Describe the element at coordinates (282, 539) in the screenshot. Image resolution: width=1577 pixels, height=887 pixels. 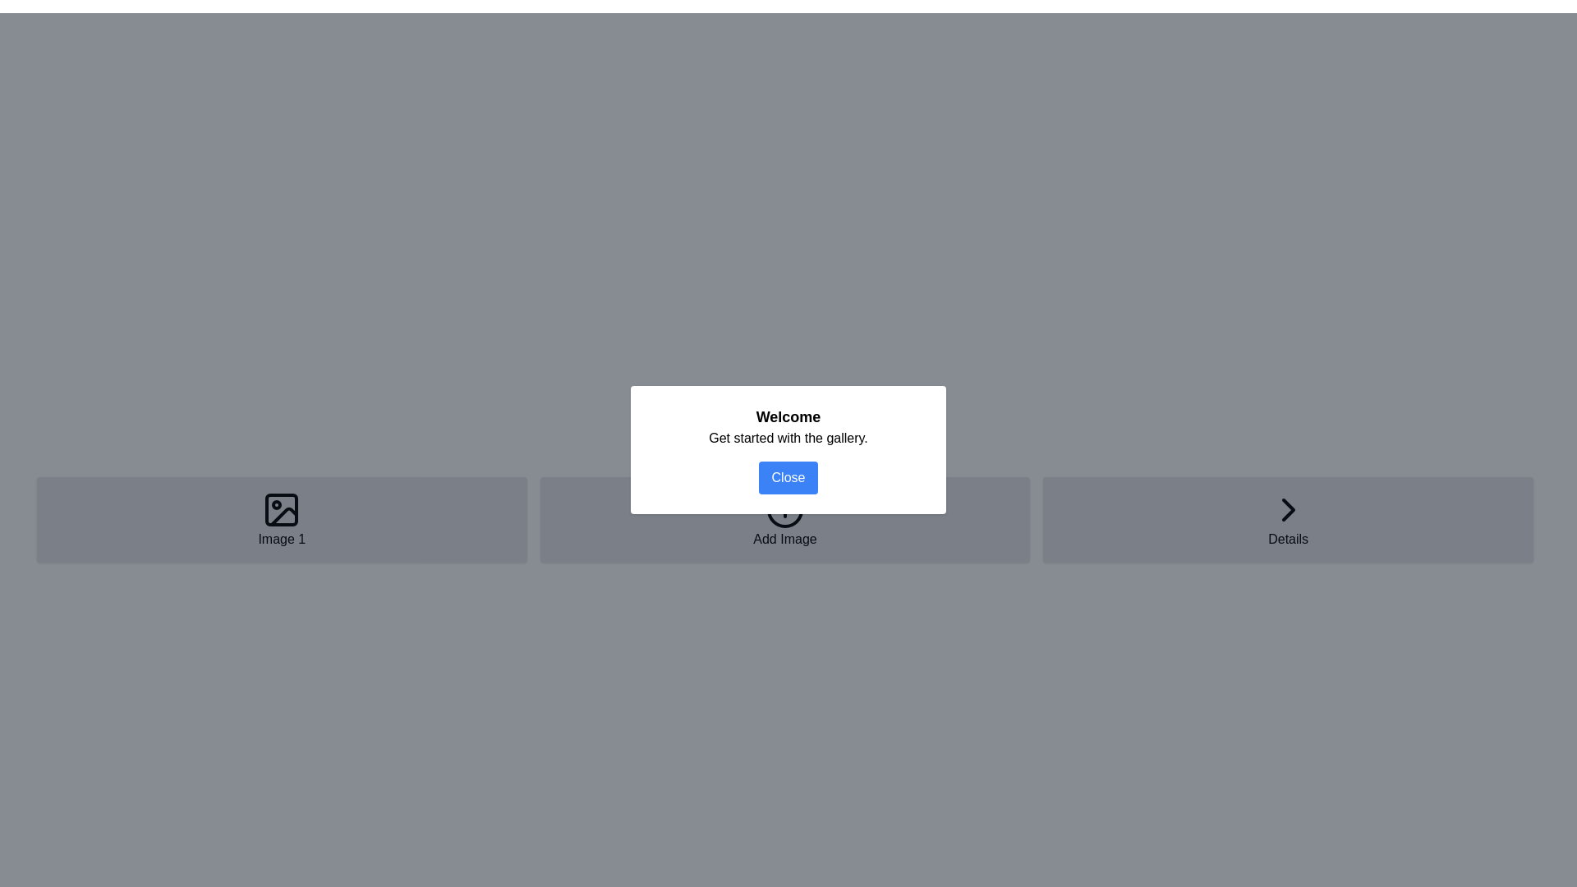
I see `the label that describes the image placeholder, which is positioned at the bottom-center of the first card in a row of three cards` at that location.